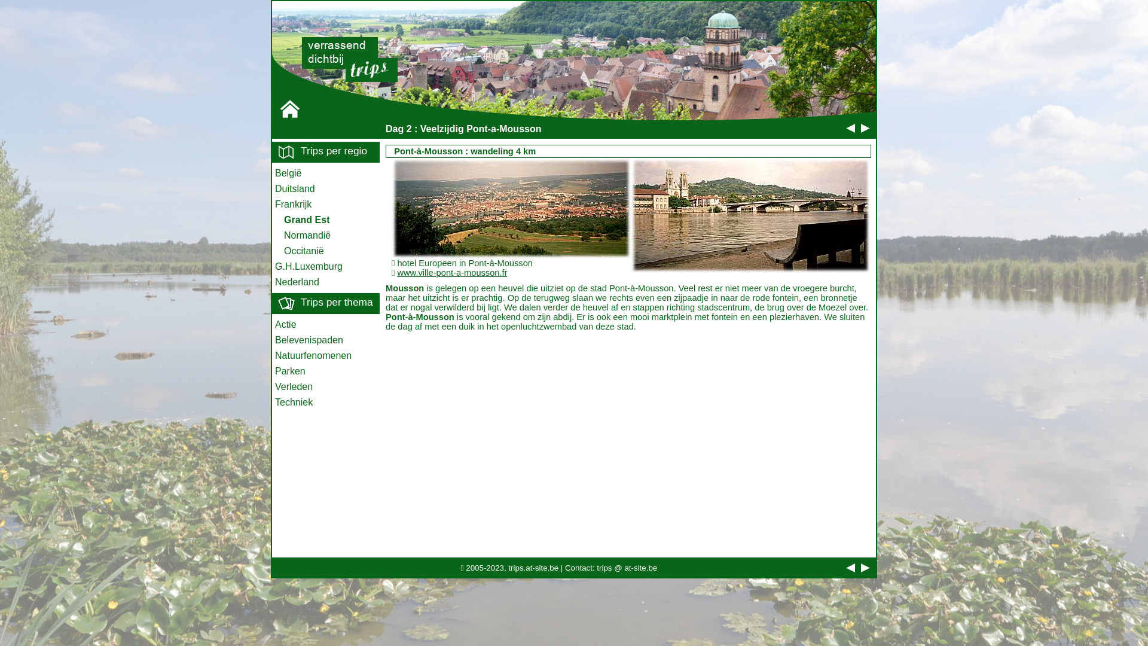  I want to click on 'Belevenispaden', so click(271, 340).